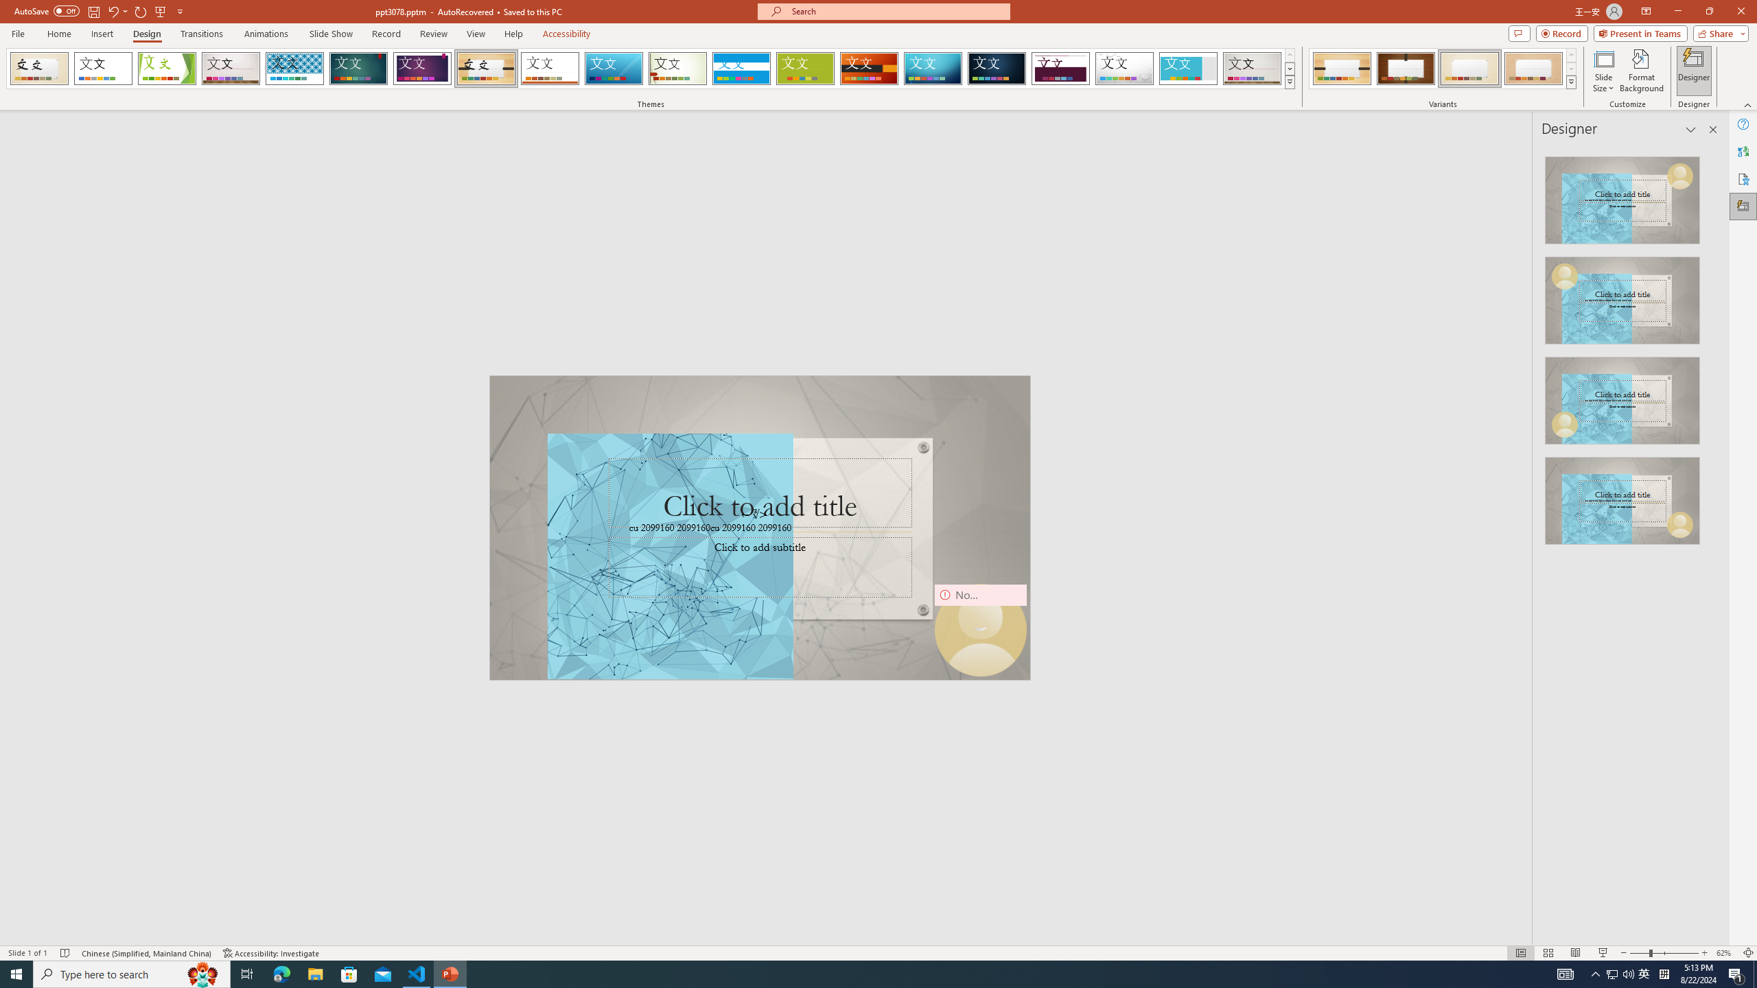 The height and width of the screenshot is (988, 1757). I want to click on 'Zoom 62%', so click(1726, 953).